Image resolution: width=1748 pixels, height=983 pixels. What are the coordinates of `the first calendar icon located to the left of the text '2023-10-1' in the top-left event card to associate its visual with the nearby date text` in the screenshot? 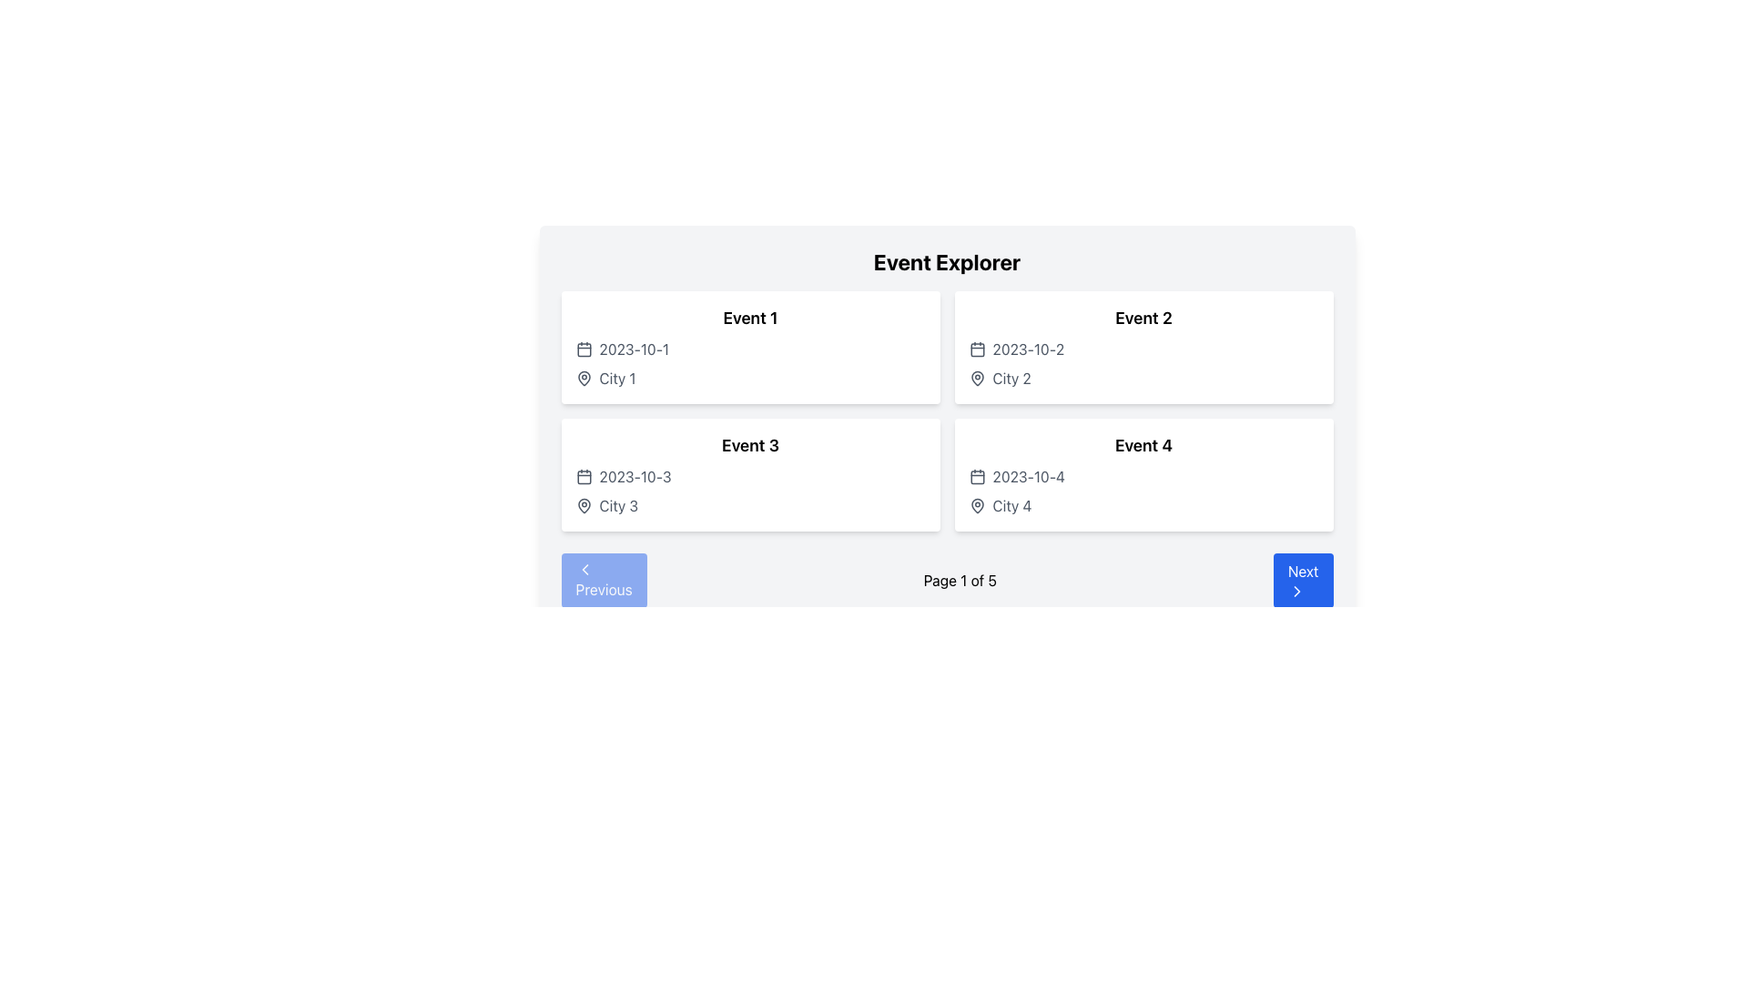 It's located at (584, 350).